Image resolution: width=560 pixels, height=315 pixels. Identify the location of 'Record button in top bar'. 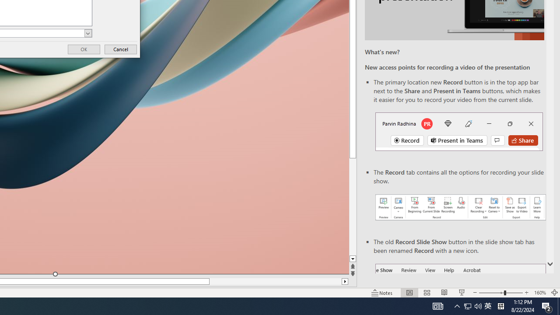
(458, 131).